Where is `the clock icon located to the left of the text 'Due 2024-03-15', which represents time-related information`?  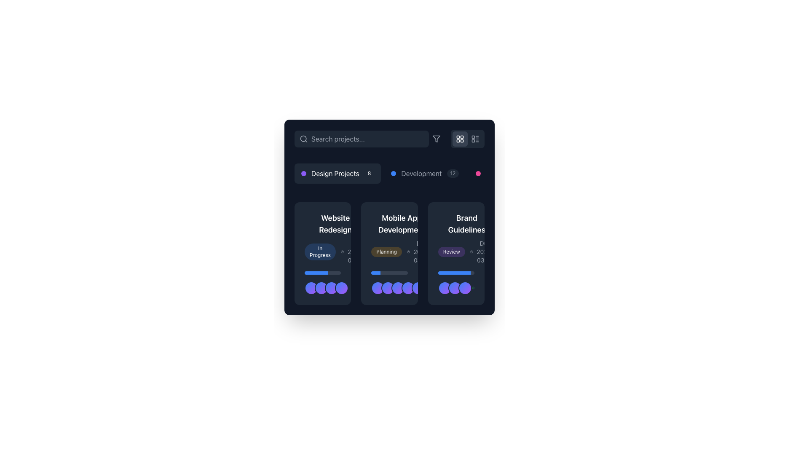 the clock icon located to the left of the text 'Due 2024-03-15', which represents time-related information is located at coordinates (342, 251).